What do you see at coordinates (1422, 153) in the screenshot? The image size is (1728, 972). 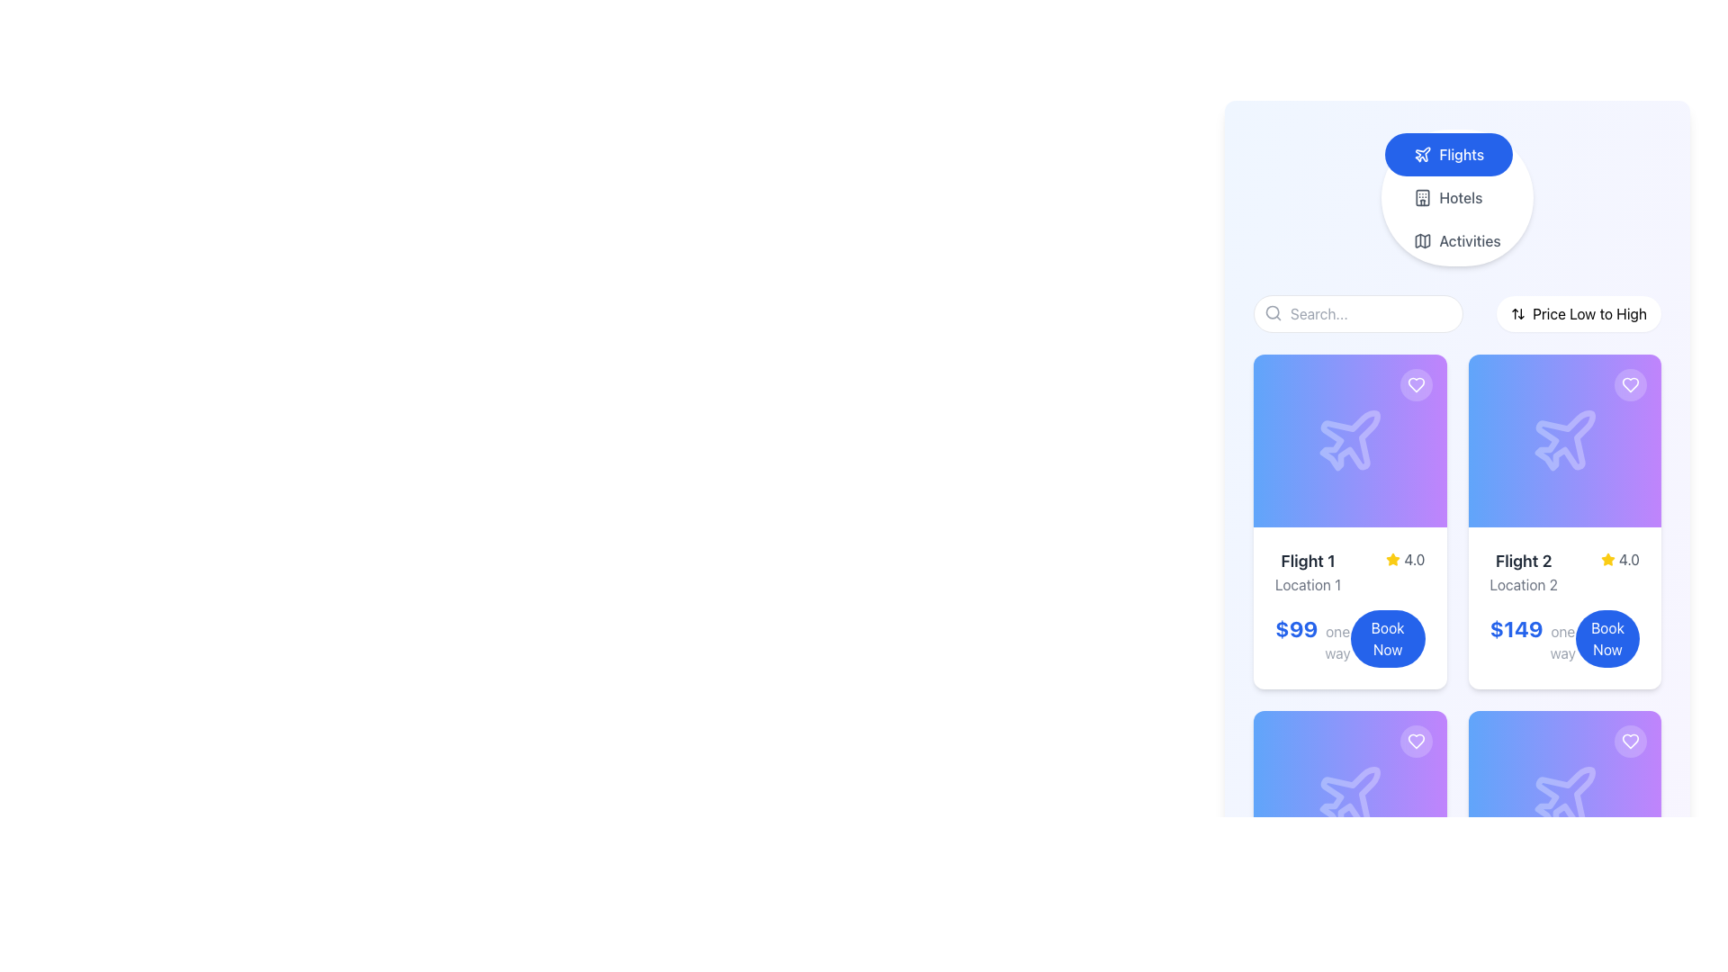 I see `the 'Flights' tab icon located at the top-right portion of the interface` at bounding box center [1422, 153].